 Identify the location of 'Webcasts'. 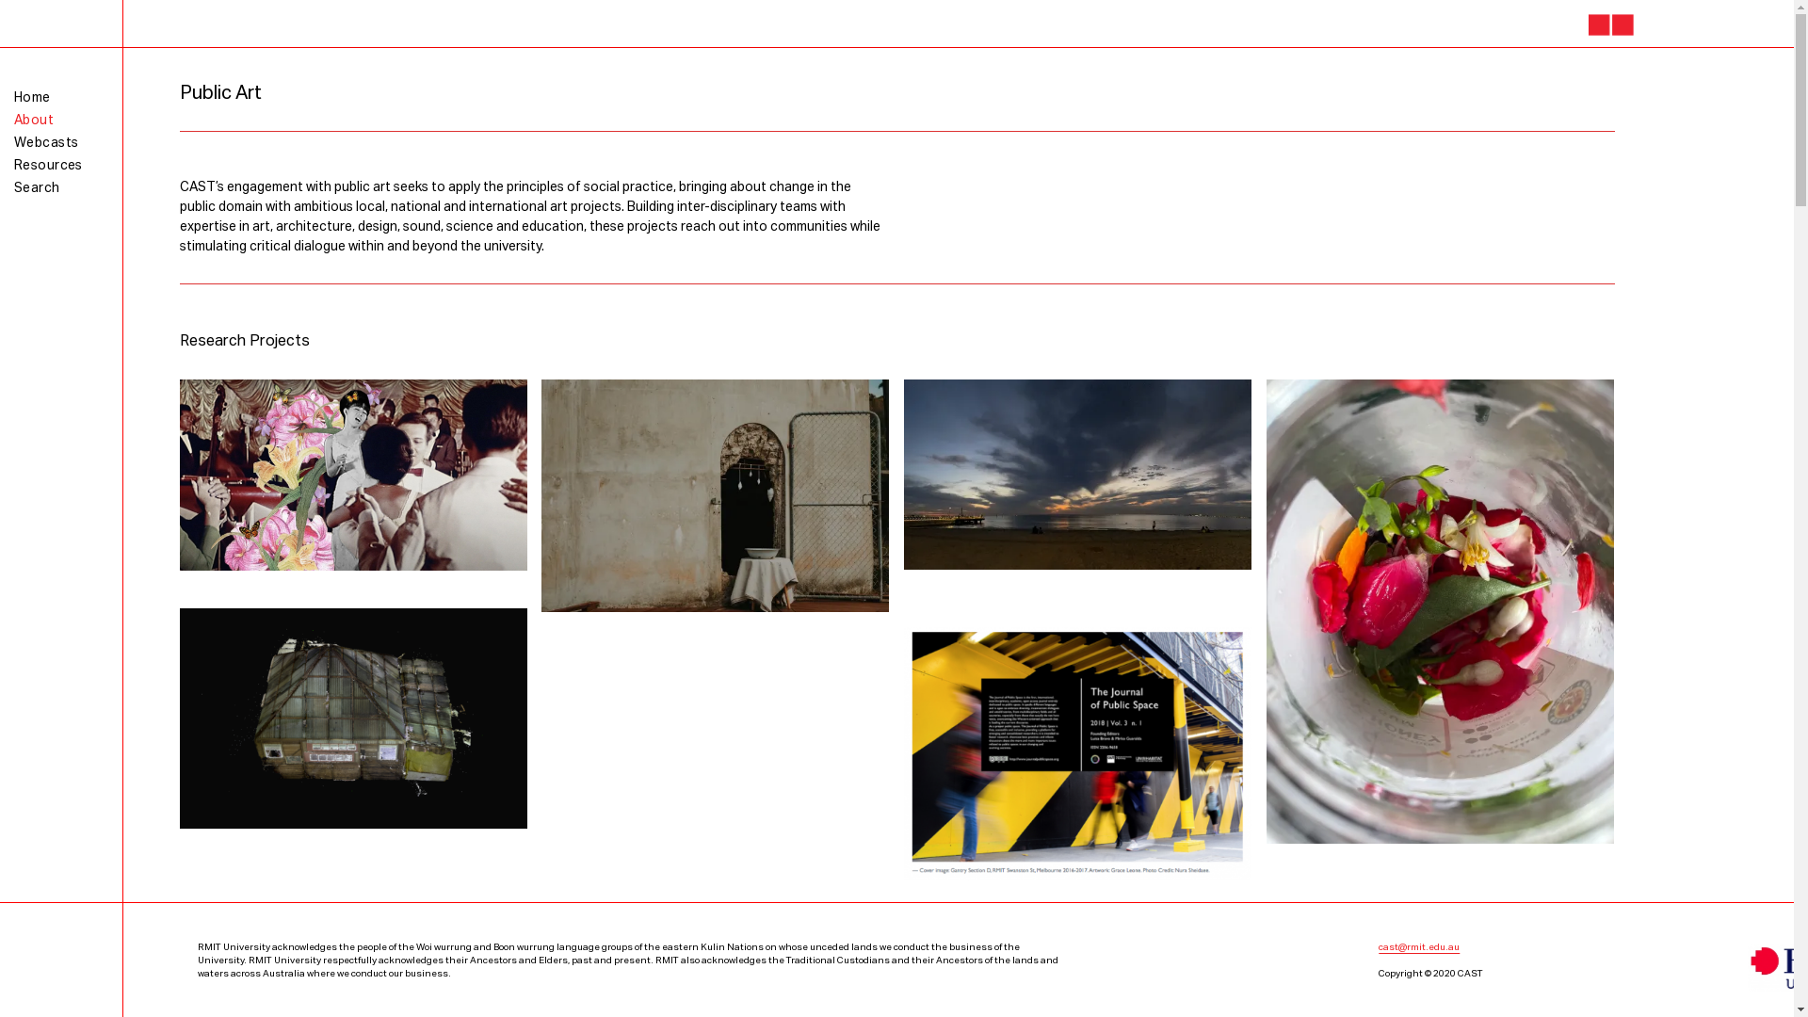
(13, 141).